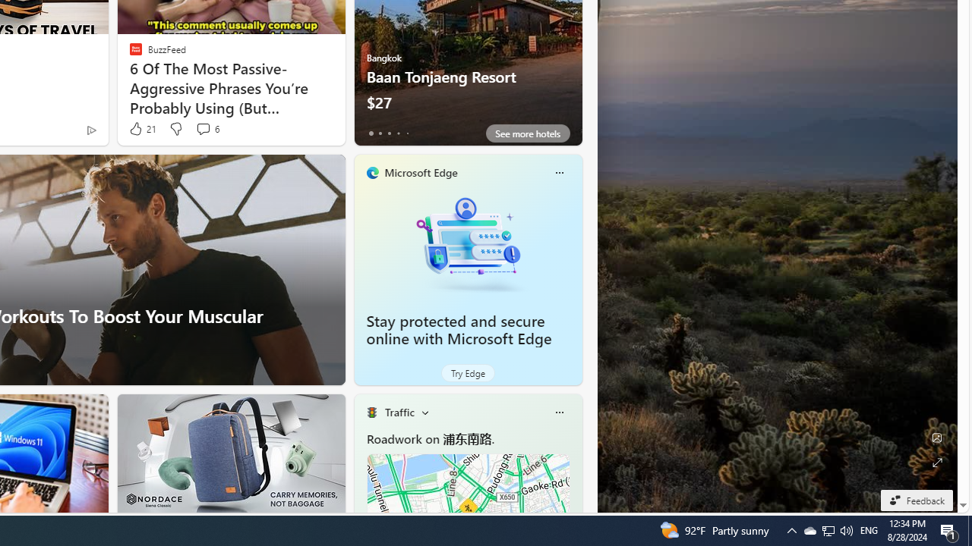 This screenshot has width=972, height=546. Describe the element at coordinates (141, 128) in the screenshot. I see `'21 Like'` at that location.